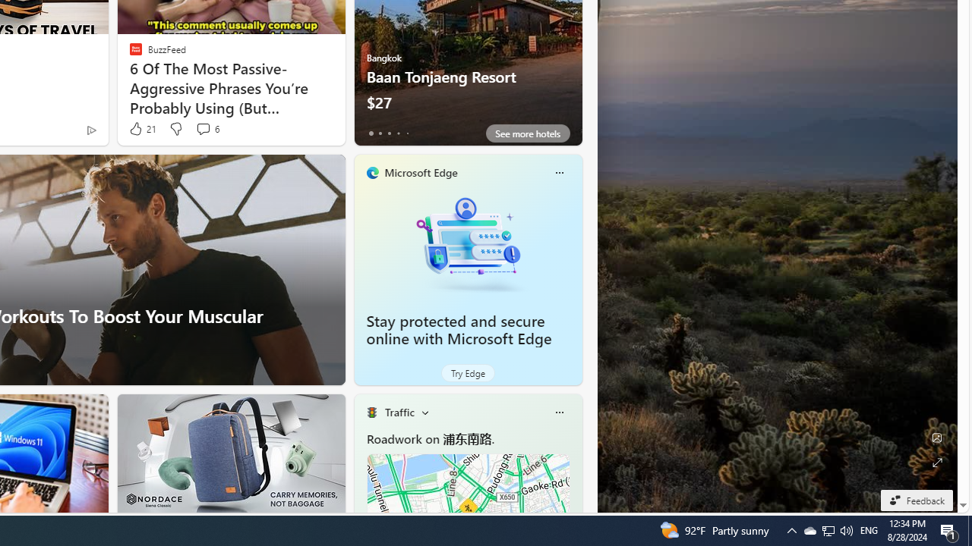 This screenshot has width=972, height=546. Describe the element at coordinates (141, 128) in the screenshot. I see `'21 Like'` at that location.